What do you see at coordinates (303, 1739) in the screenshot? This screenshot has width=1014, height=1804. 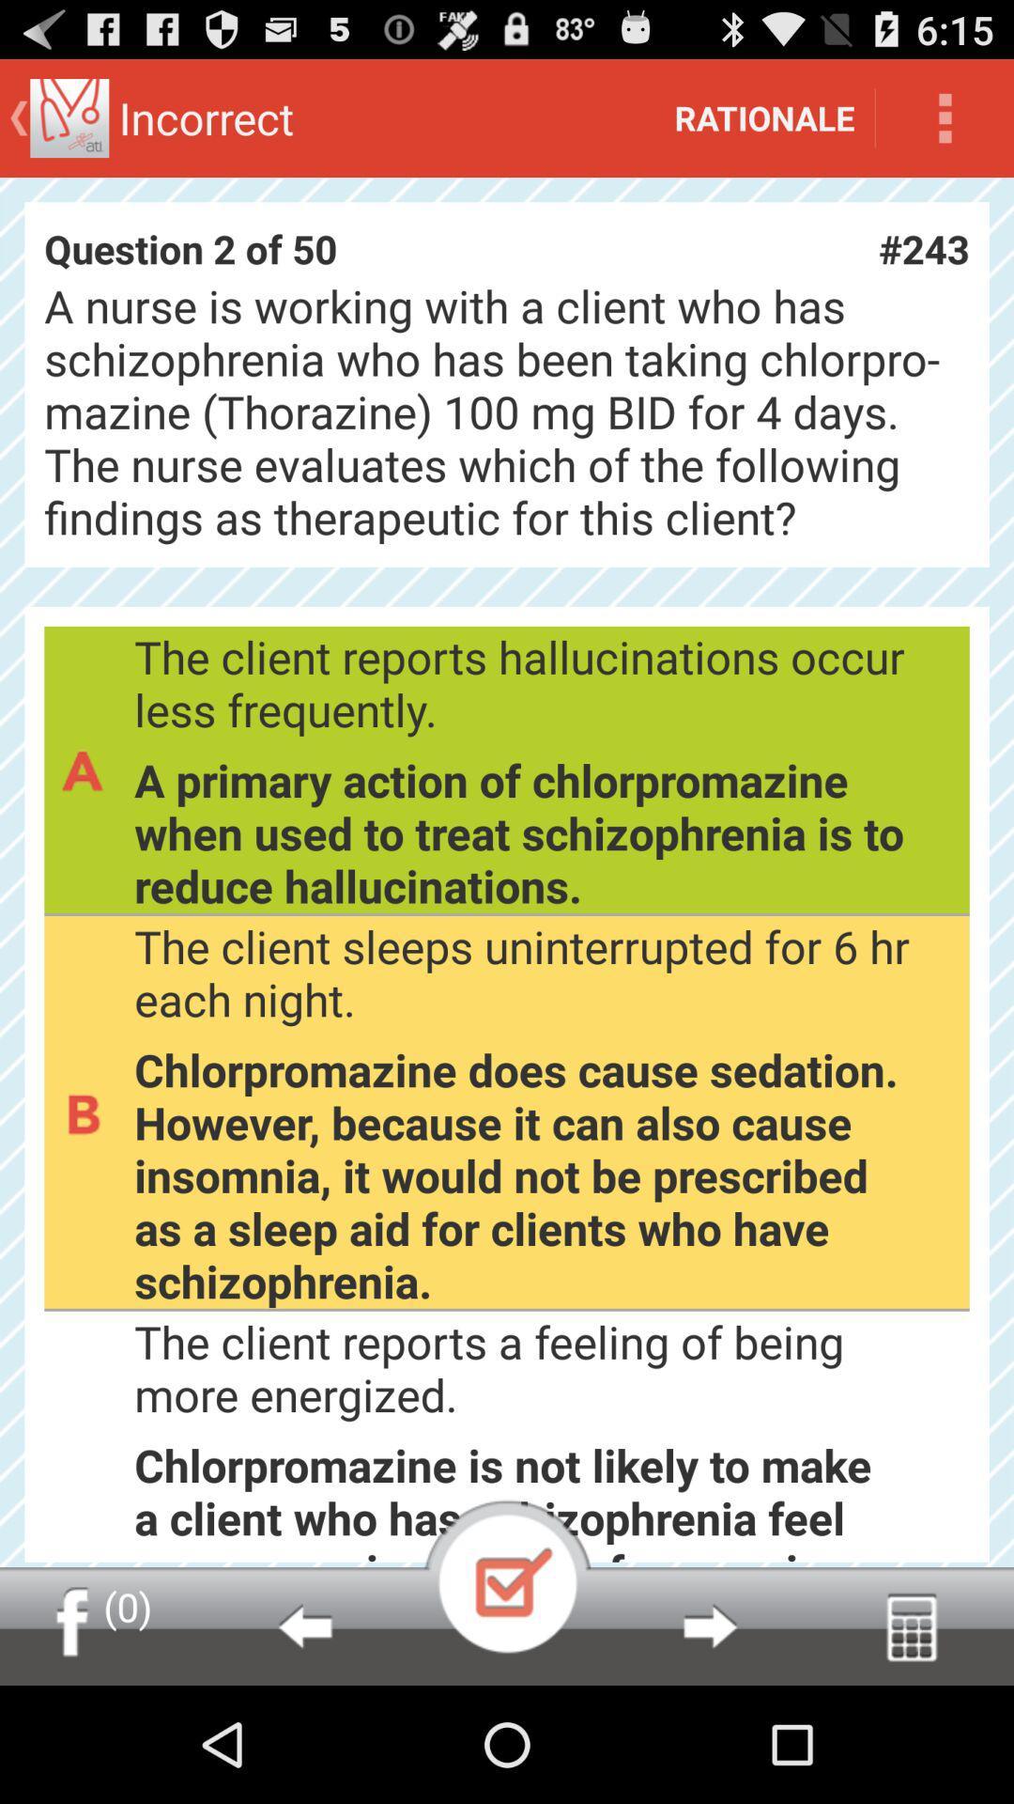 I see `the arrow_backward icon` at bounding box center [303, 1739].